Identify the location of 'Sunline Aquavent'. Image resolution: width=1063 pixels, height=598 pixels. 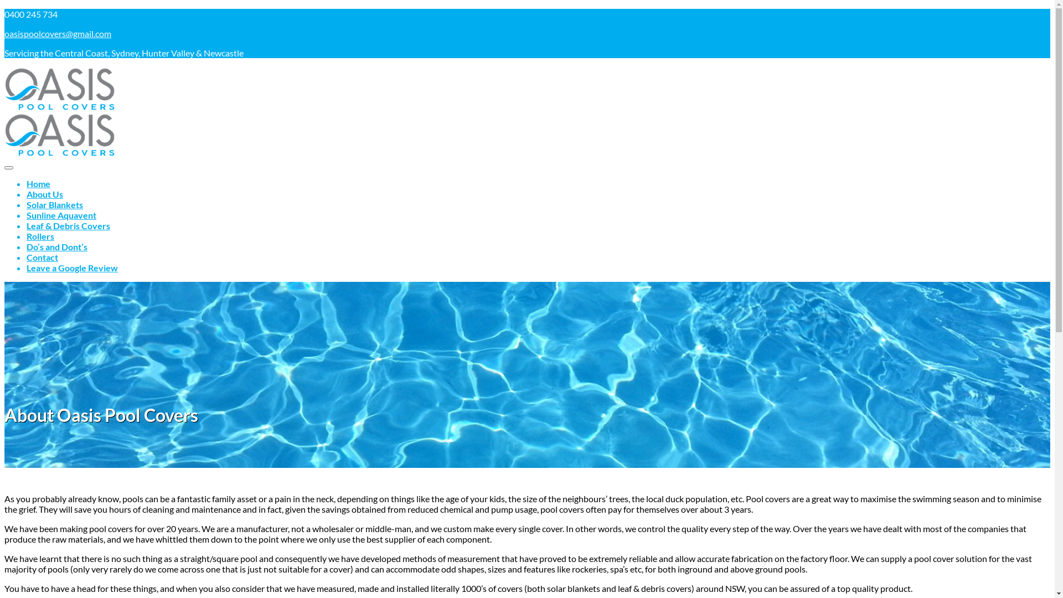
(60, 215).